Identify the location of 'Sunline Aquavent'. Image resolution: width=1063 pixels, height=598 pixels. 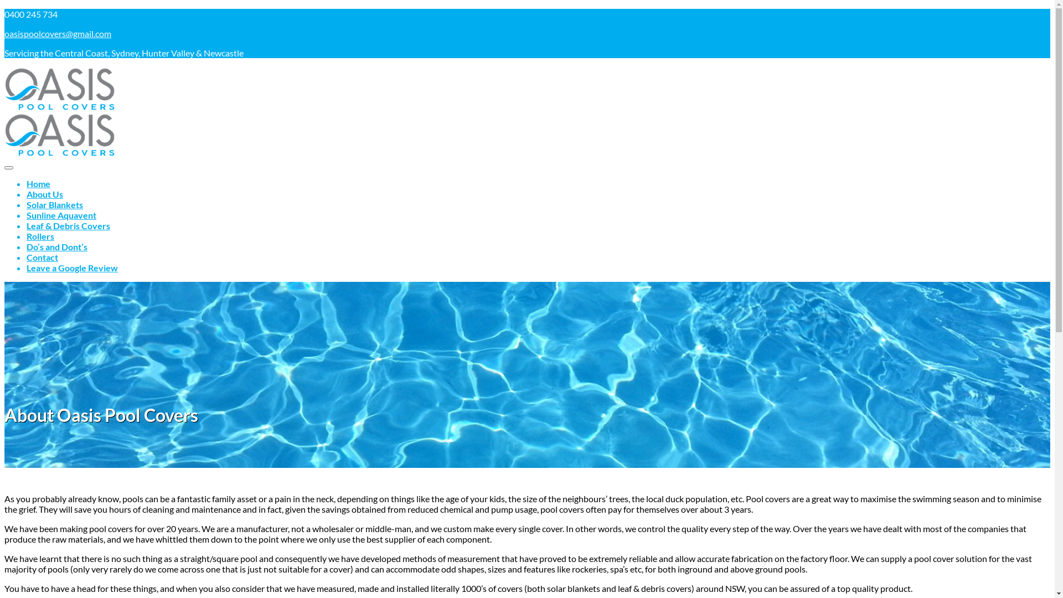
(60, 215).